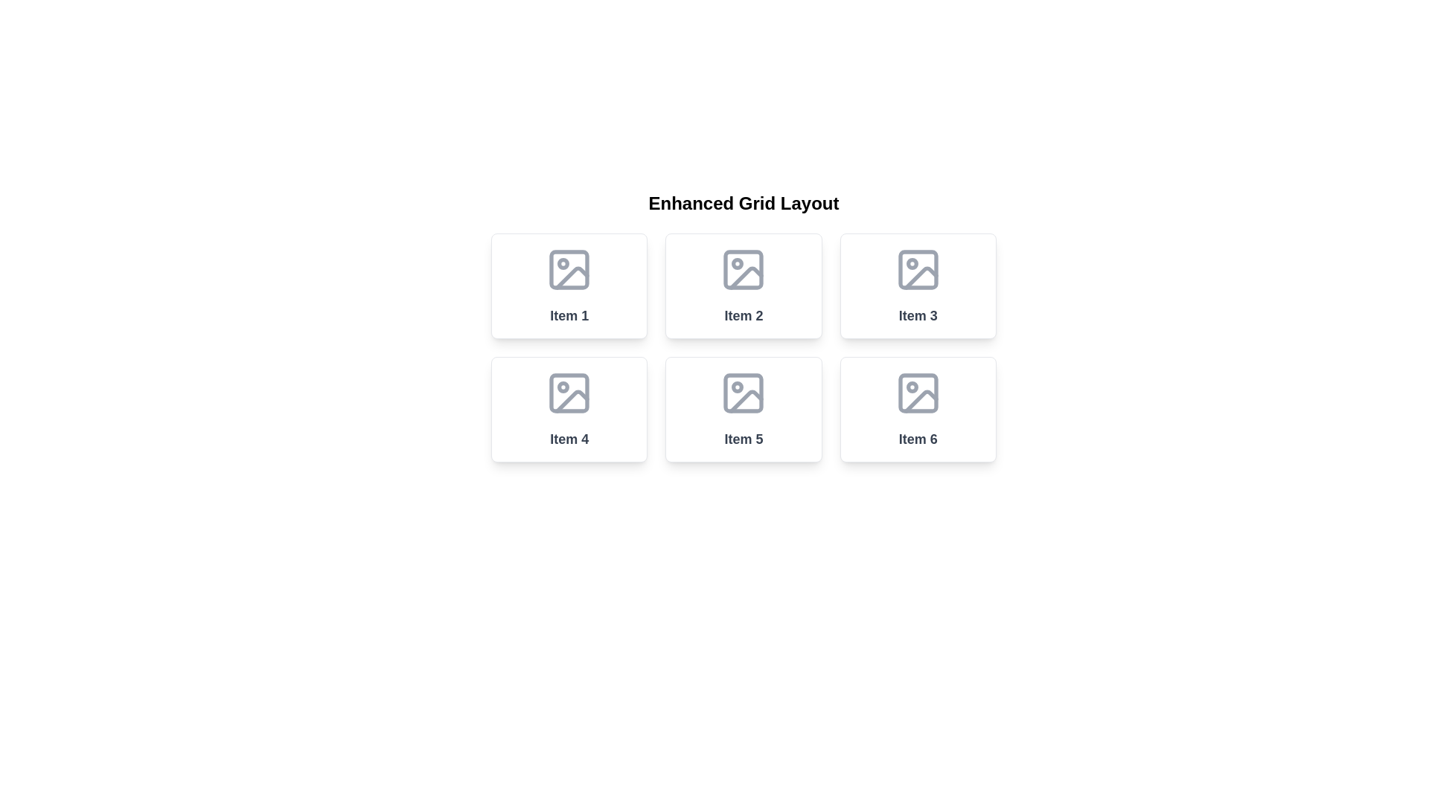 The image size is (1429, 803). Describe the element at coordinates (911, 386) in the screenshot. I see `the decorative circle SVG component located in the sixth item of a two-row grid layout, which is slightly away from the rectangle graphic` at that location.